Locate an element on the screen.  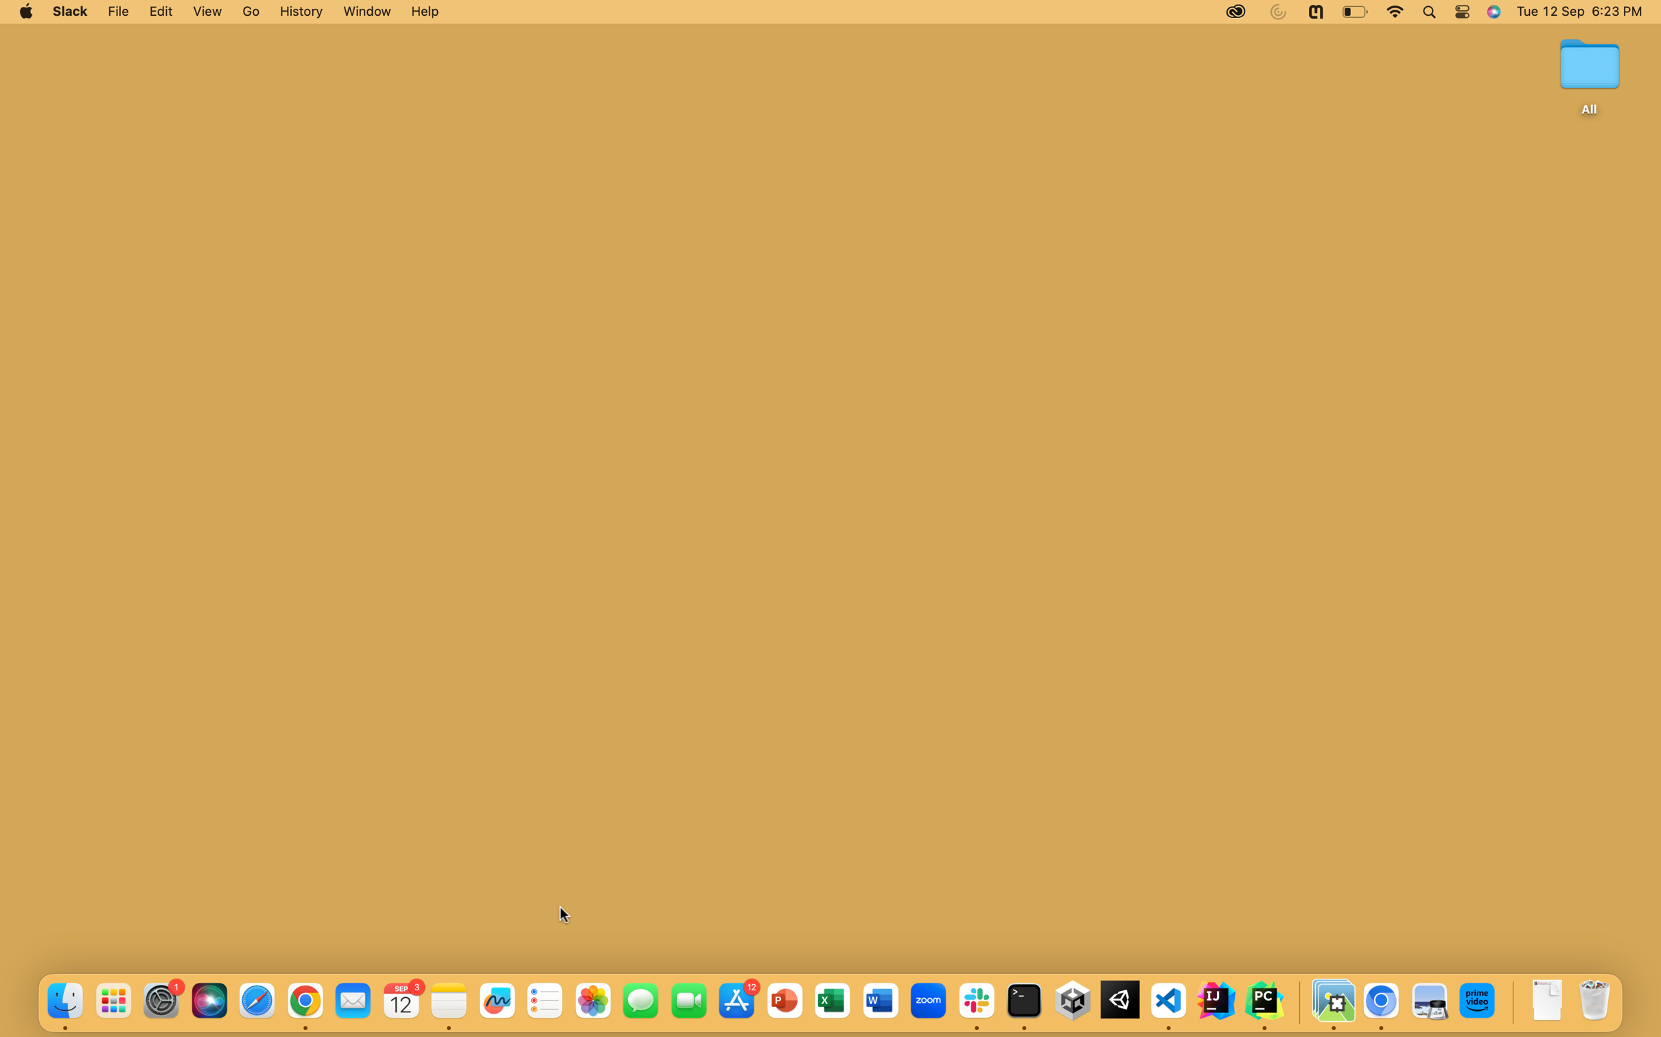
the Window Options menu is located at coordinates (364, 12).